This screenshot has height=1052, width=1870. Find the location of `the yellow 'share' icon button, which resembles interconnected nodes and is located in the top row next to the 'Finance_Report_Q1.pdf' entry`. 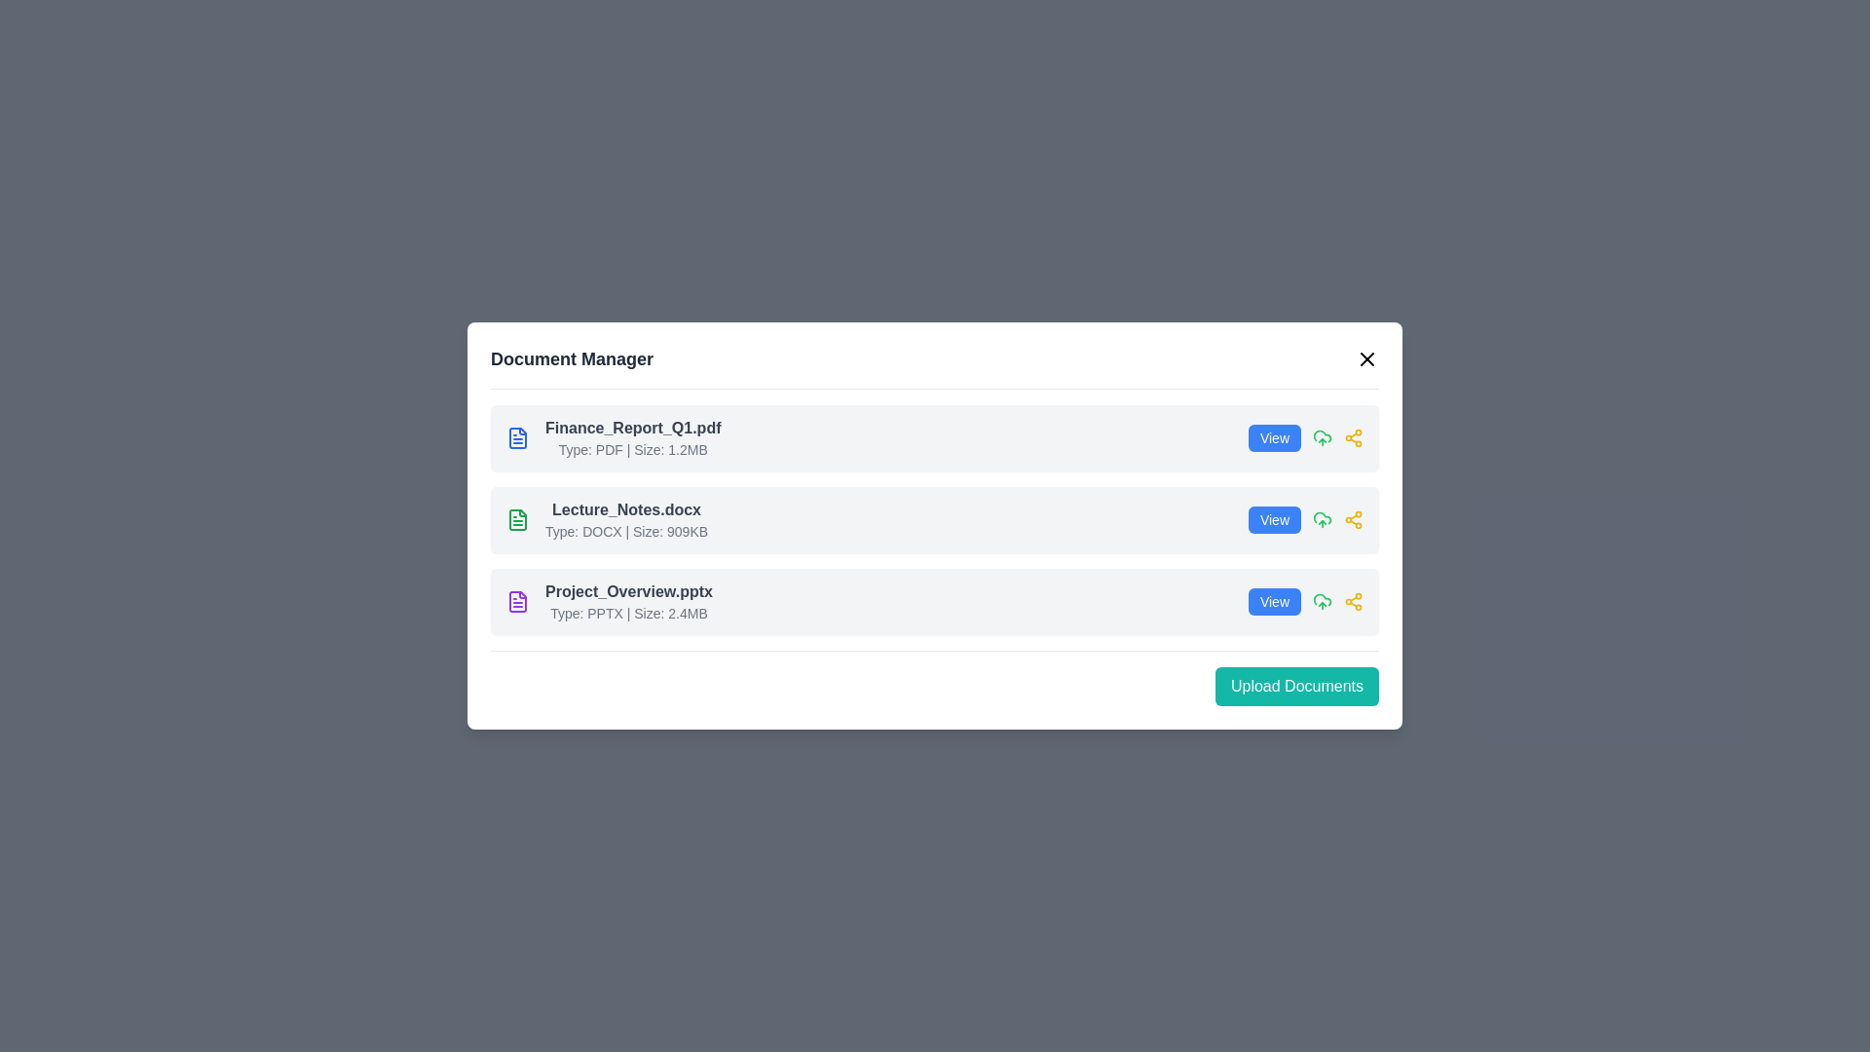

the yellow 'share' icon button, which resembles interconnected nodes and is located in the top row next to the 'Finance_Report_Q1.pdf' entry is located at coordinates (1353, 438).